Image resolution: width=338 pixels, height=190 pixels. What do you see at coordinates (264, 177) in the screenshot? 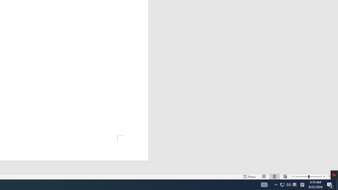
I see `'Read Mode'` at bounding box center [264, 177].